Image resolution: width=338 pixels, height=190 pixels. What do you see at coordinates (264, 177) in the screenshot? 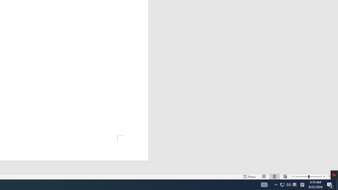
I see `'Read Mode'` at bounding box center [264, 177].